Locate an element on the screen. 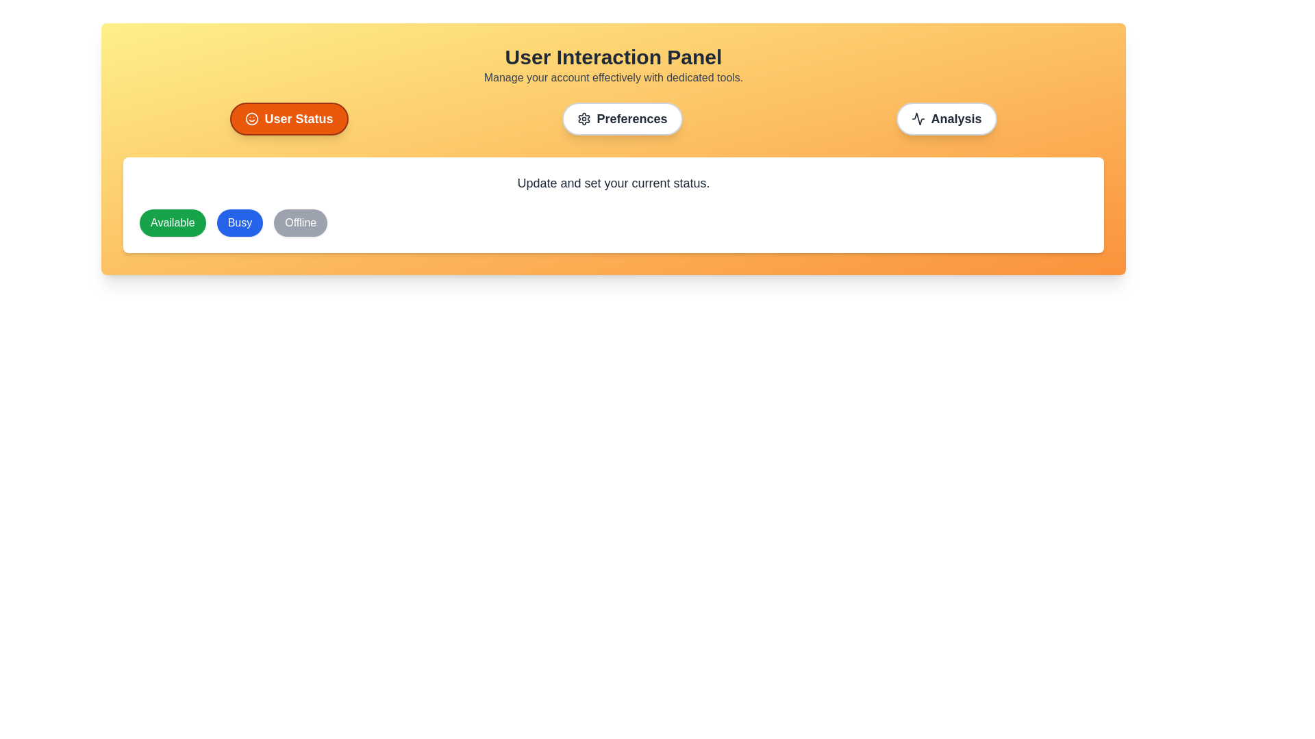 This screenshot has width=1315, height=739. the tab labeled User Status to view its content is located at coordinates (288, 118).